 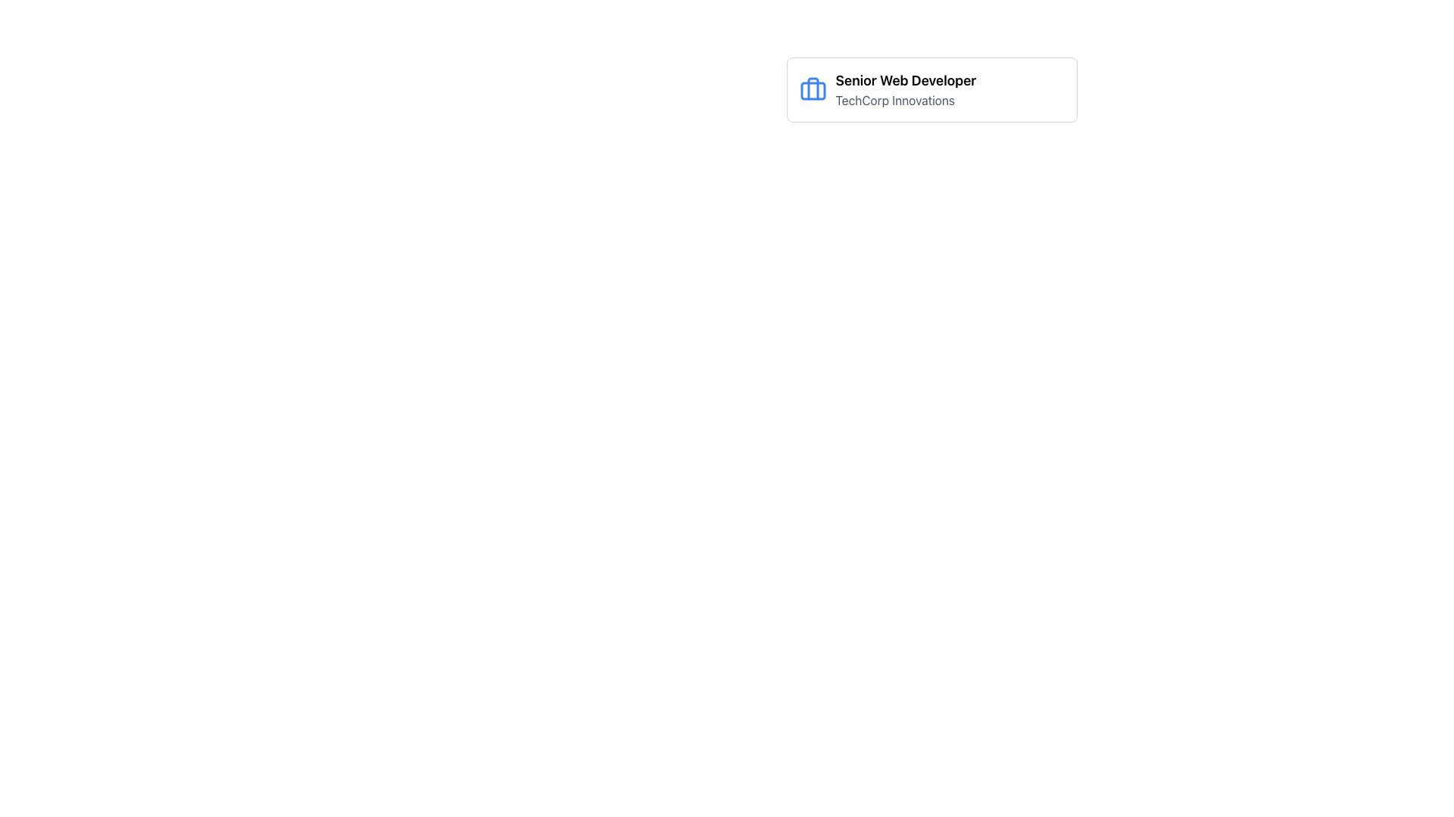 I want to click on the blue briefcase icon located to the left of the text 'Senior Web Developer', so click(x=812, y=90).